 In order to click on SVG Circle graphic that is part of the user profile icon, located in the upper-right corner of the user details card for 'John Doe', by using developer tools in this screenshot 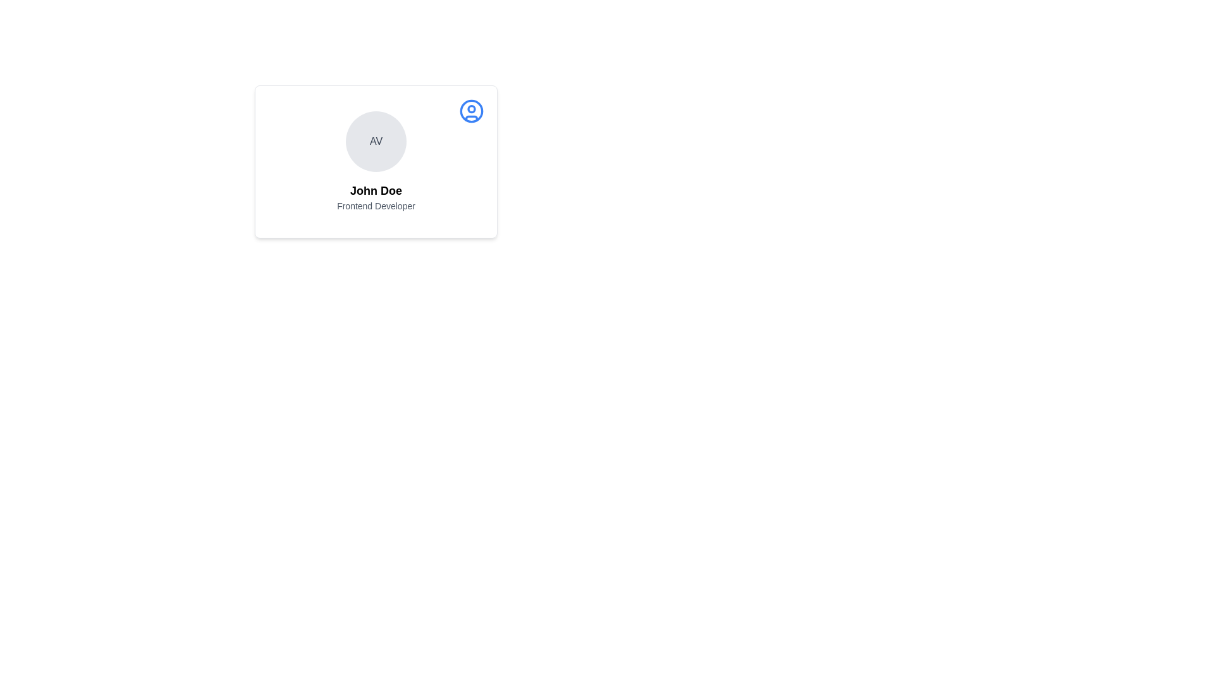, I will do `click(470, 111)`.